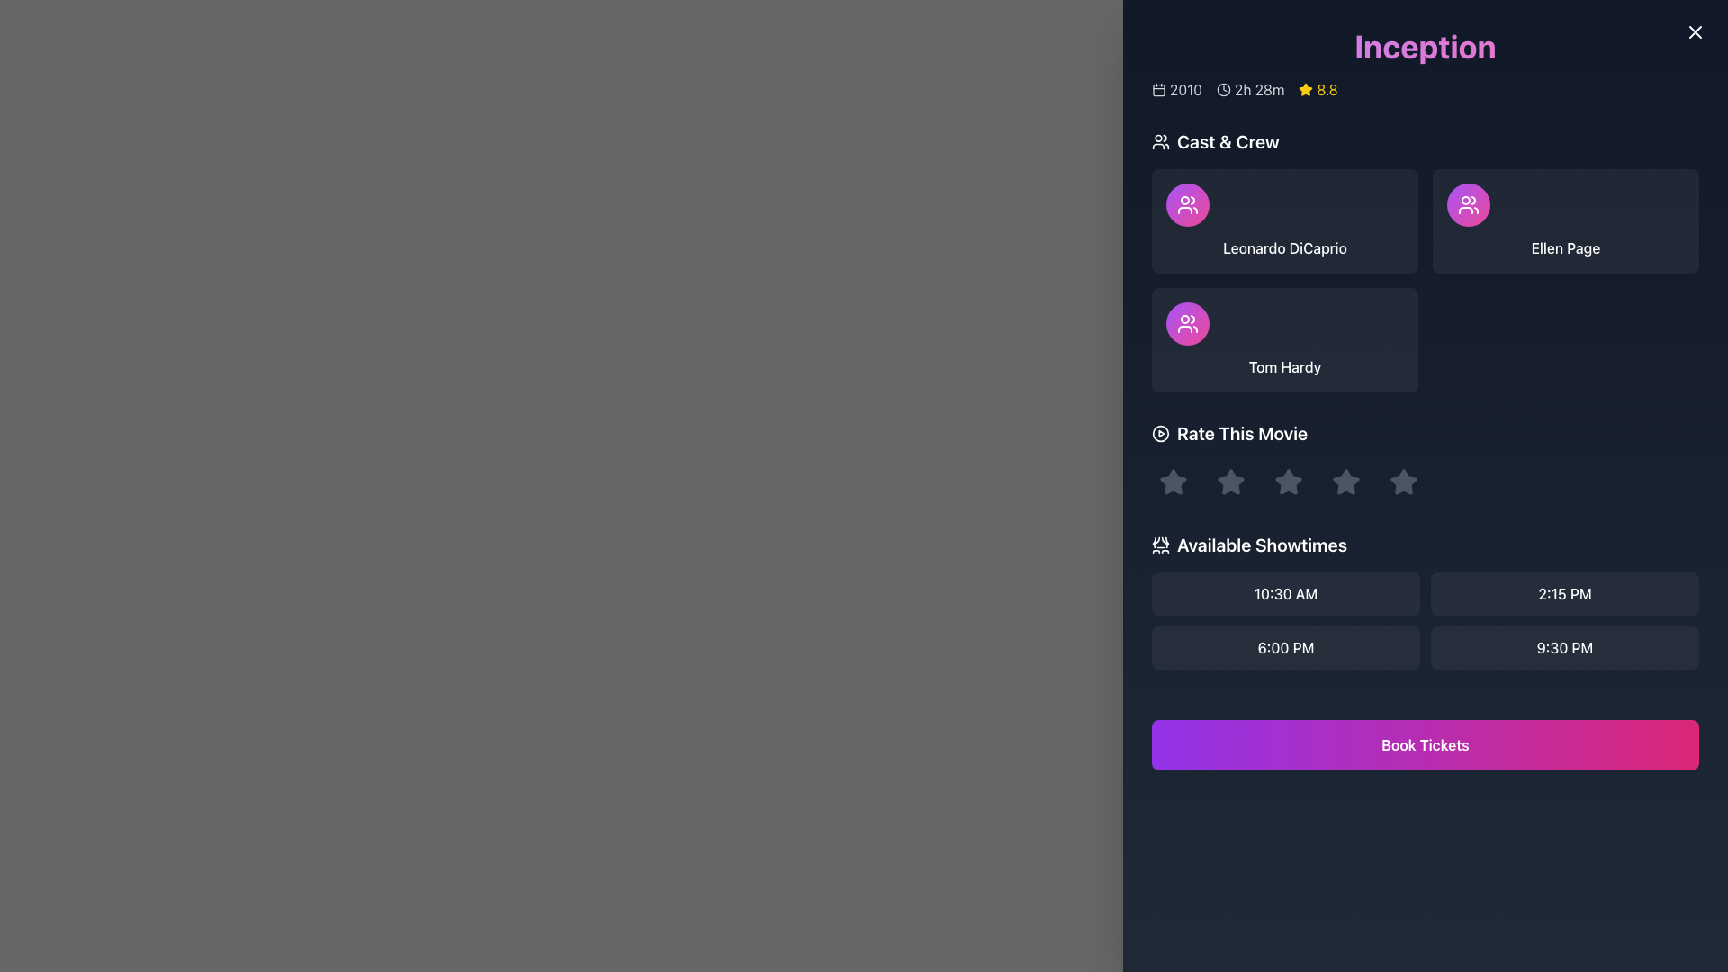  What do you see at coordinates (1318, 90) in the screenshot?
I see `the Rating indicator with associated icon located in the top-right section of the interface, near the title 'Inception'` at bounding box center [1318, 90].